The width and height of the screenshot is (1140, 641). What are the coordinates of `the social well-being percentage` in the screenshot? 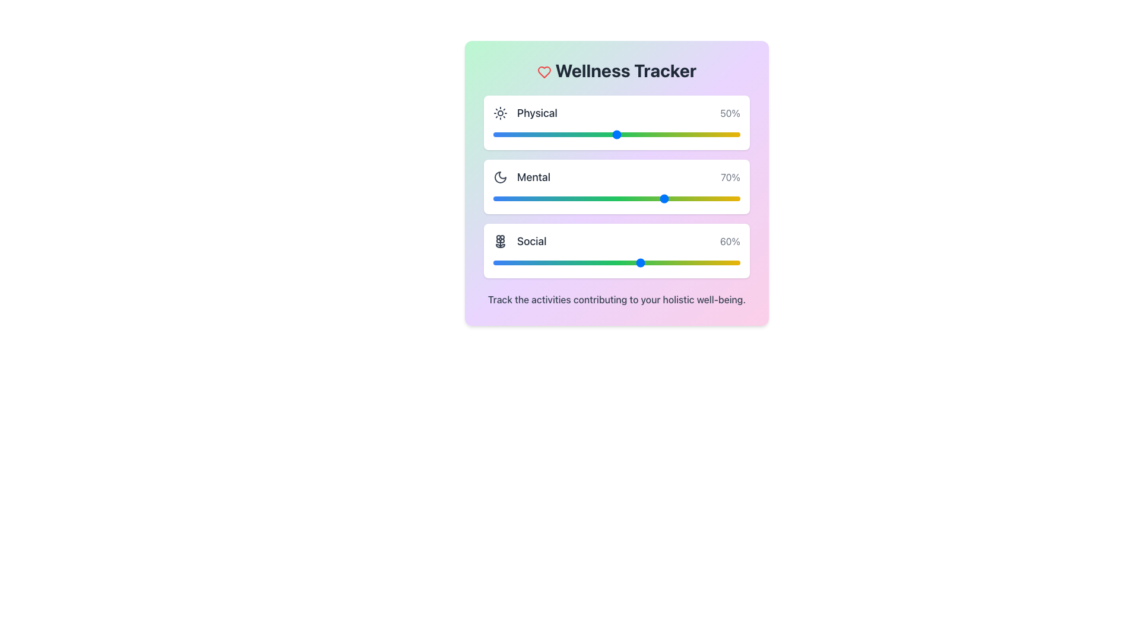 It's located at (722, 262).